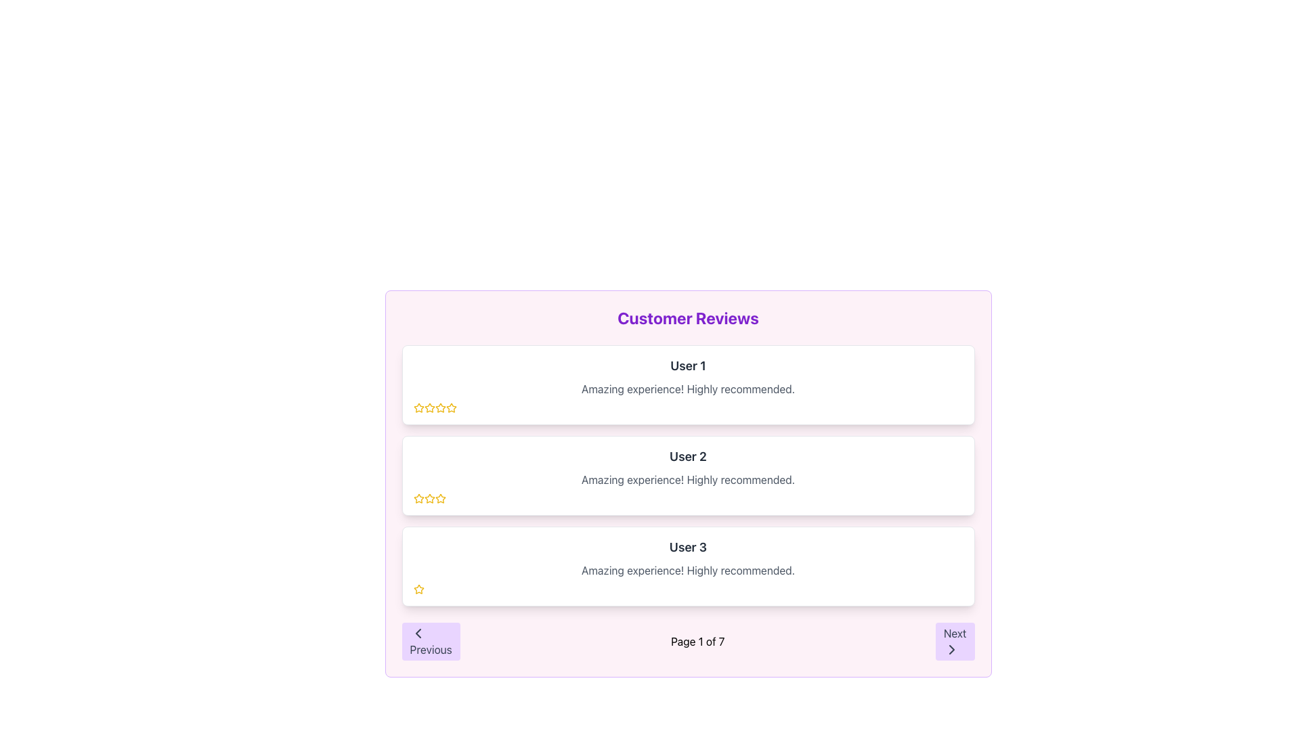 The image size is (1300, 731). What do you see at coordinates (688, 389) in the screenshot?
I see `the text display that provides user review content for the product or service, located in the first review card below the title 'User 1' and above the rating section with star icons` at bounding box center [688, 389].